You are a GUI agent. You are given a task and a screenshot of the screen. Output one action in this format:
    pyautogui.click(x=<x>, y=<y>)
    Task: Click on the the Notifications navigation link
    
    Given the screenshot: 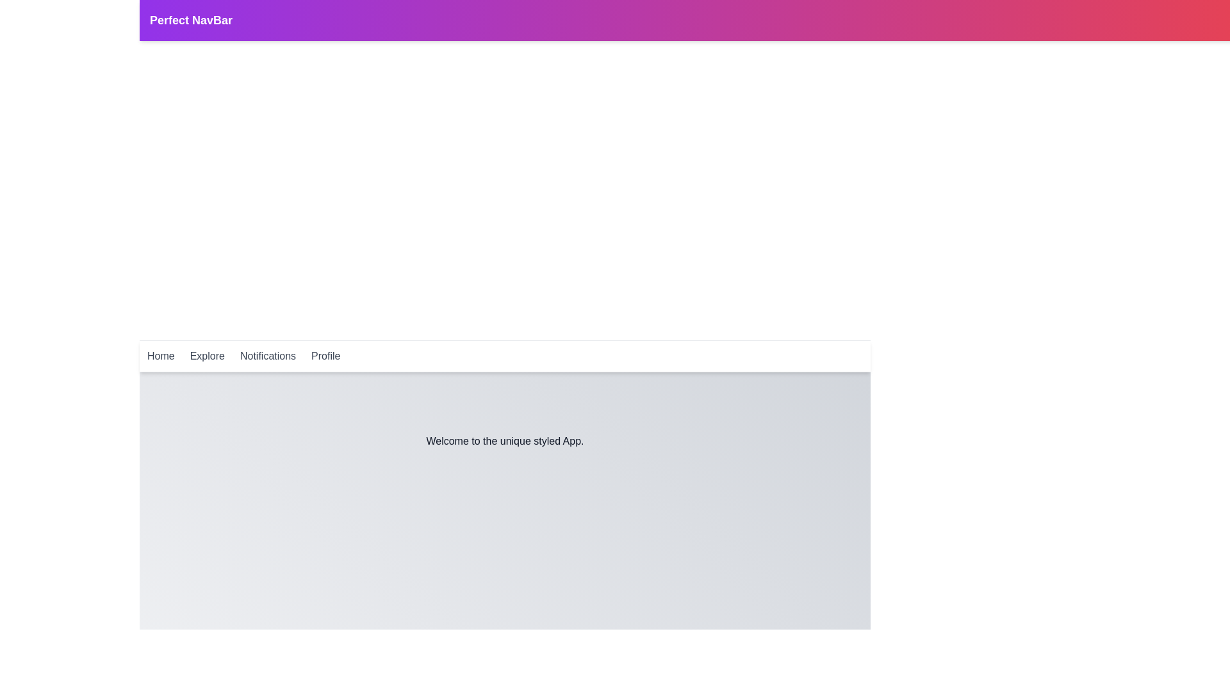 What is the action you would take?
    pyautogui.click(x=267, y=356)
    